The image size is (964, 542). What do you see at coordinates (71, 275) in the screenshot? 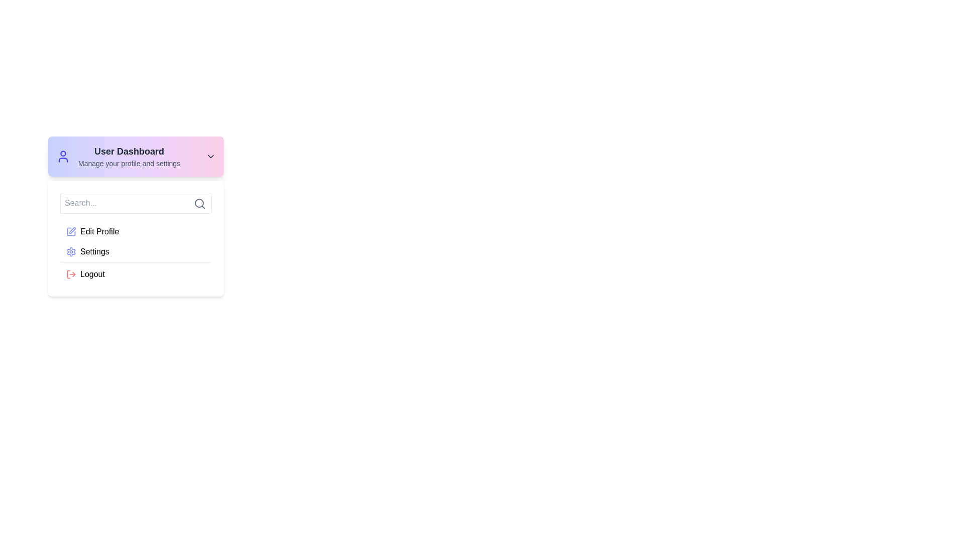
I see `the logout icon located to the left of the 'Logout' text in the bottom row of the dropdown component under the 'User Dashboard' section` at bounding box center [71, 275].